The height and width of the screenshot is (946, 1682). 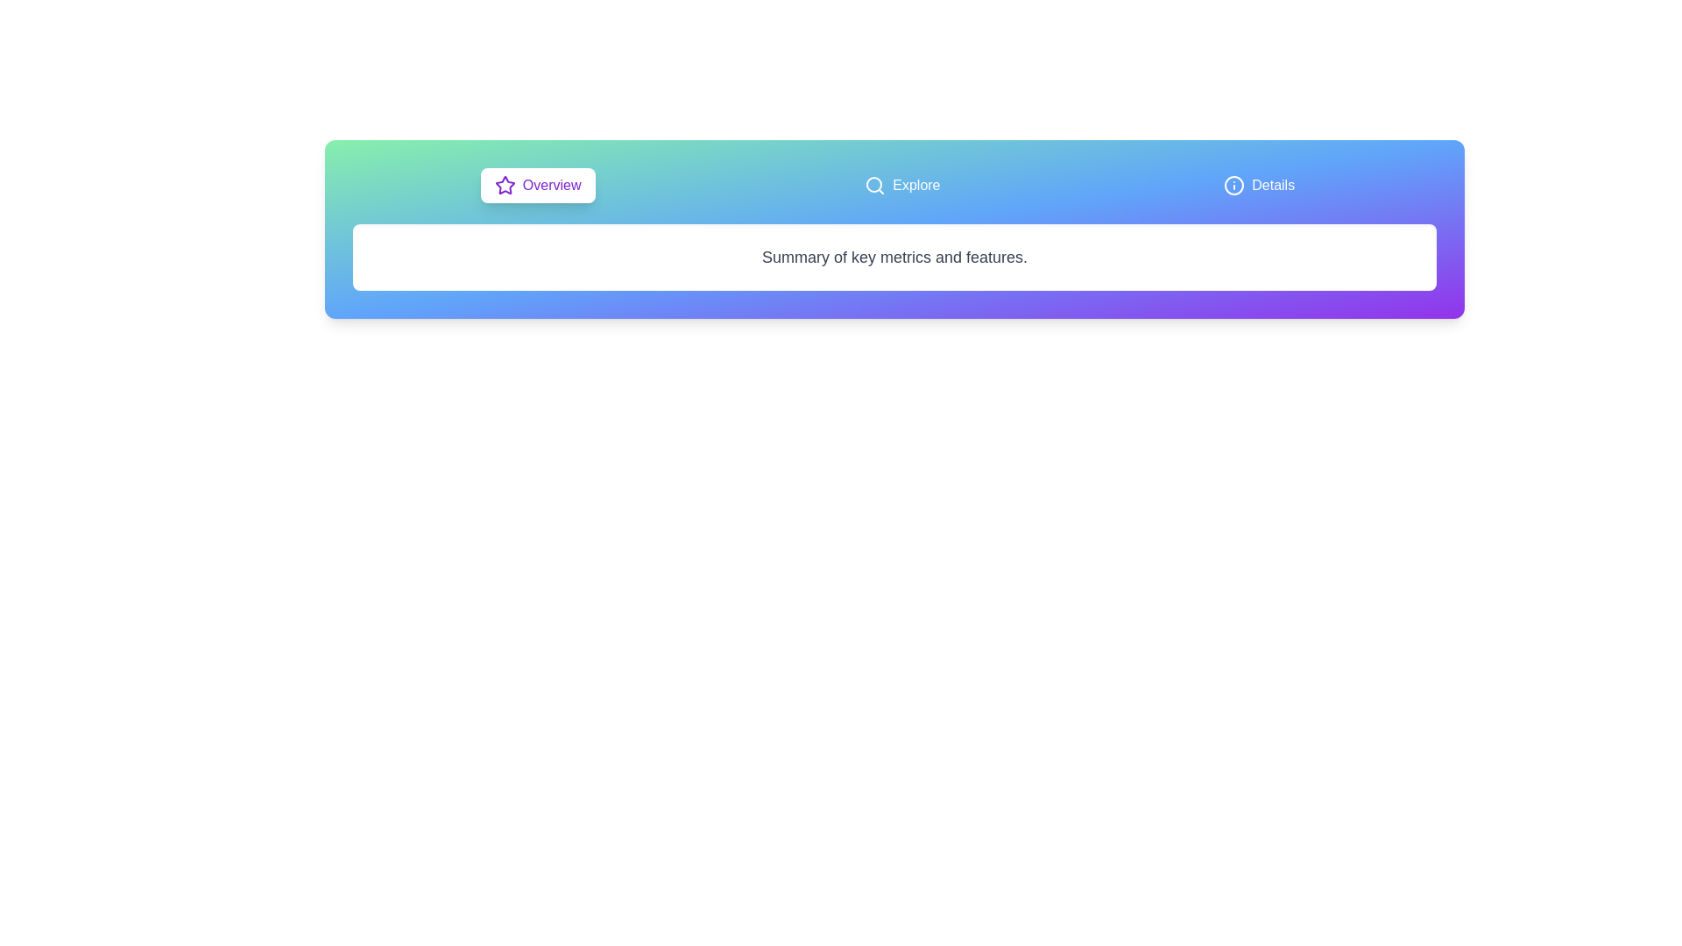 I want to click on the tab labeled 'Details' to display its content, so click(x=1258, y=186).